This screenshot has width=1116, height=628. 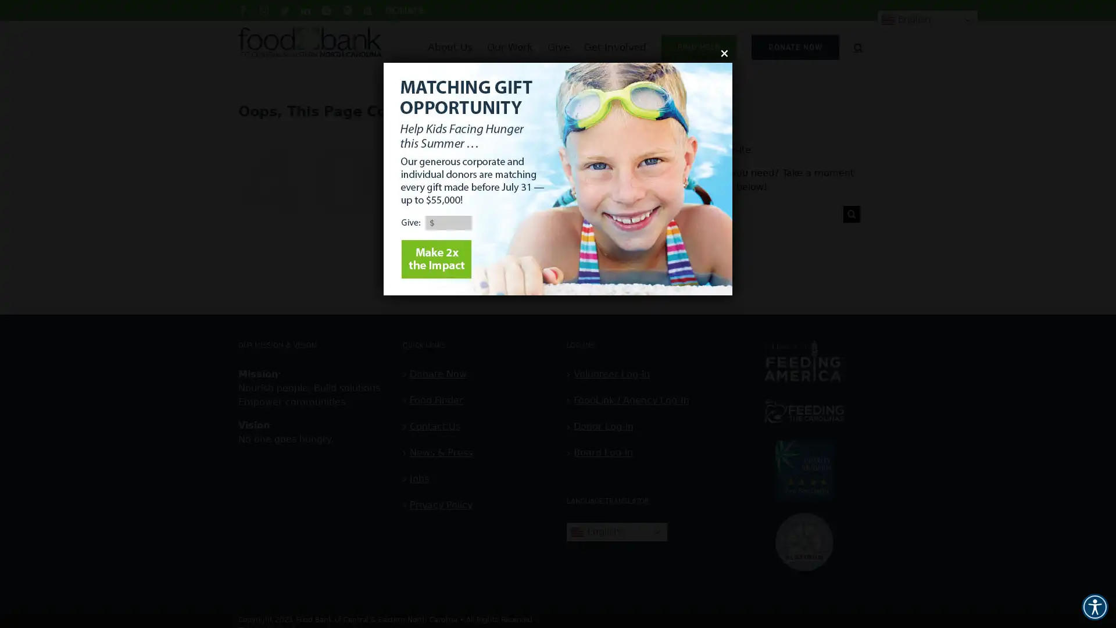 I want to click on Search, so click(x=859, y=46).